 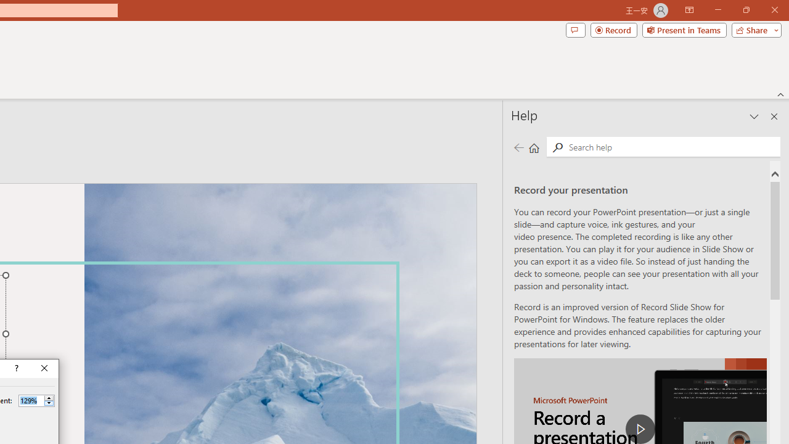 What do you see at coordinates (36, 401) in the screenshot?
I see `'Percent'` at bounding box center [36, 401].